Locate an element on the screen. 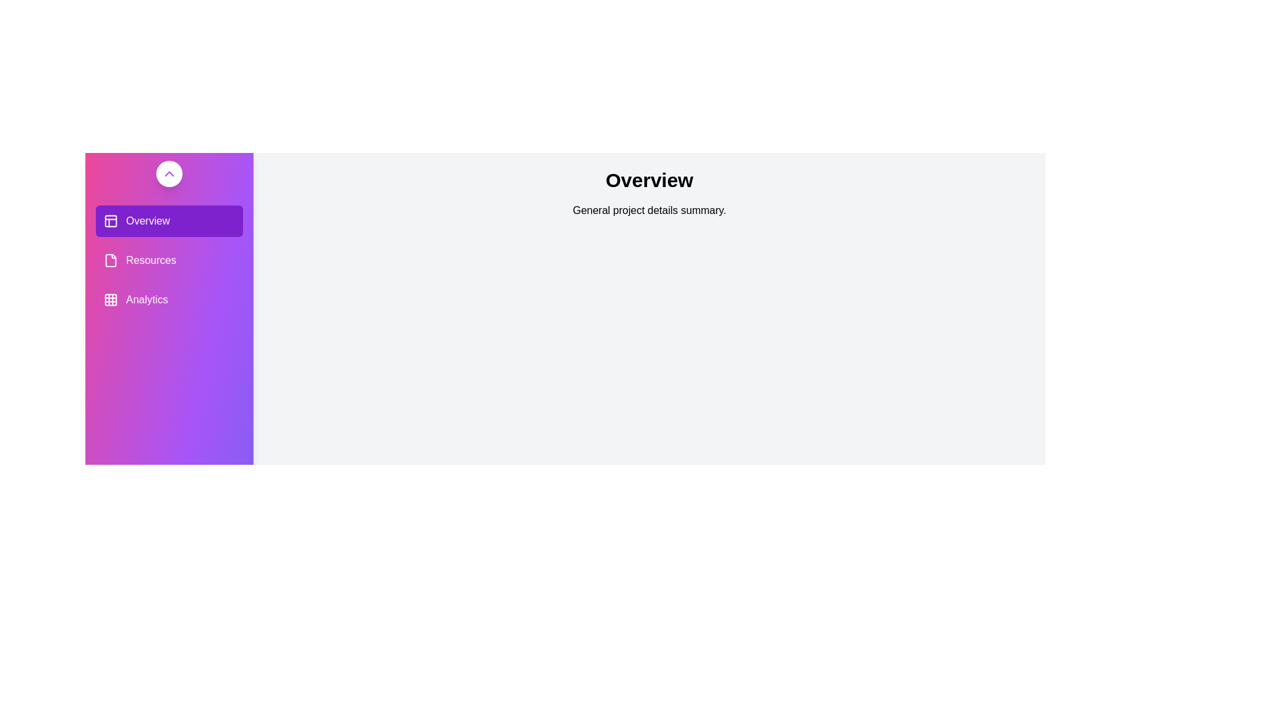  the section Analytics from the sidebar is located at coordinates (169, 299).